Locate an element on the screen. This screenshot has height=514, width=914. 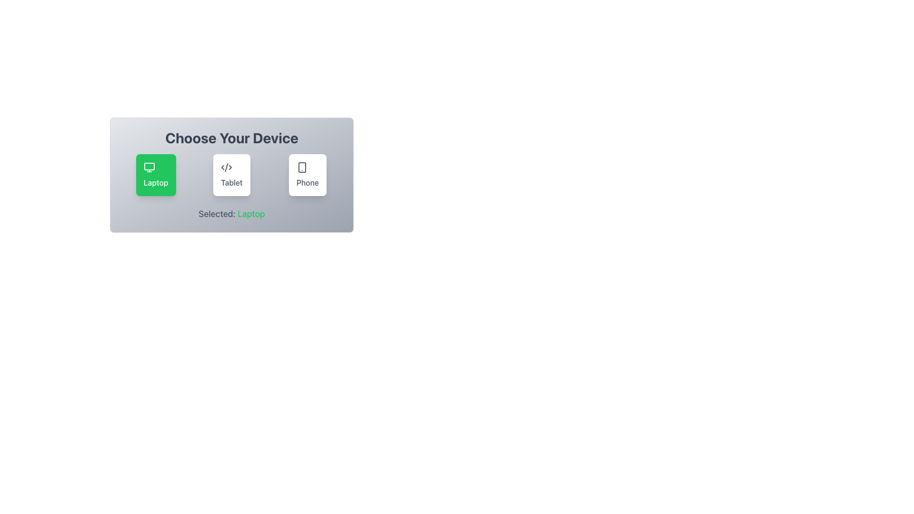
the 'Tablet' button, which is the second card in a row of three cards is located at coordinates (231, 175).